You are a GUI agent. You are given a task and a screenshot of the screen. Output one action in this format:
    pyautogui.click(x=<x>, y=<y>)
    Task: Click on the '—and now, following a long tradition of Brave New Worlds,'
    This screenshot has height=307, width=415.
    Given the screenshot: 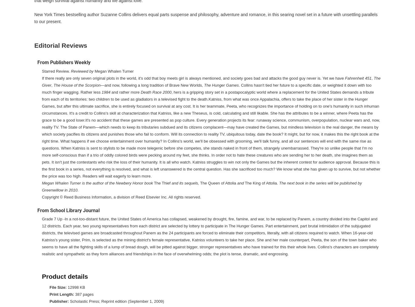 What is the action you would take?
    pyautogui.click(x=152, y=85)
    